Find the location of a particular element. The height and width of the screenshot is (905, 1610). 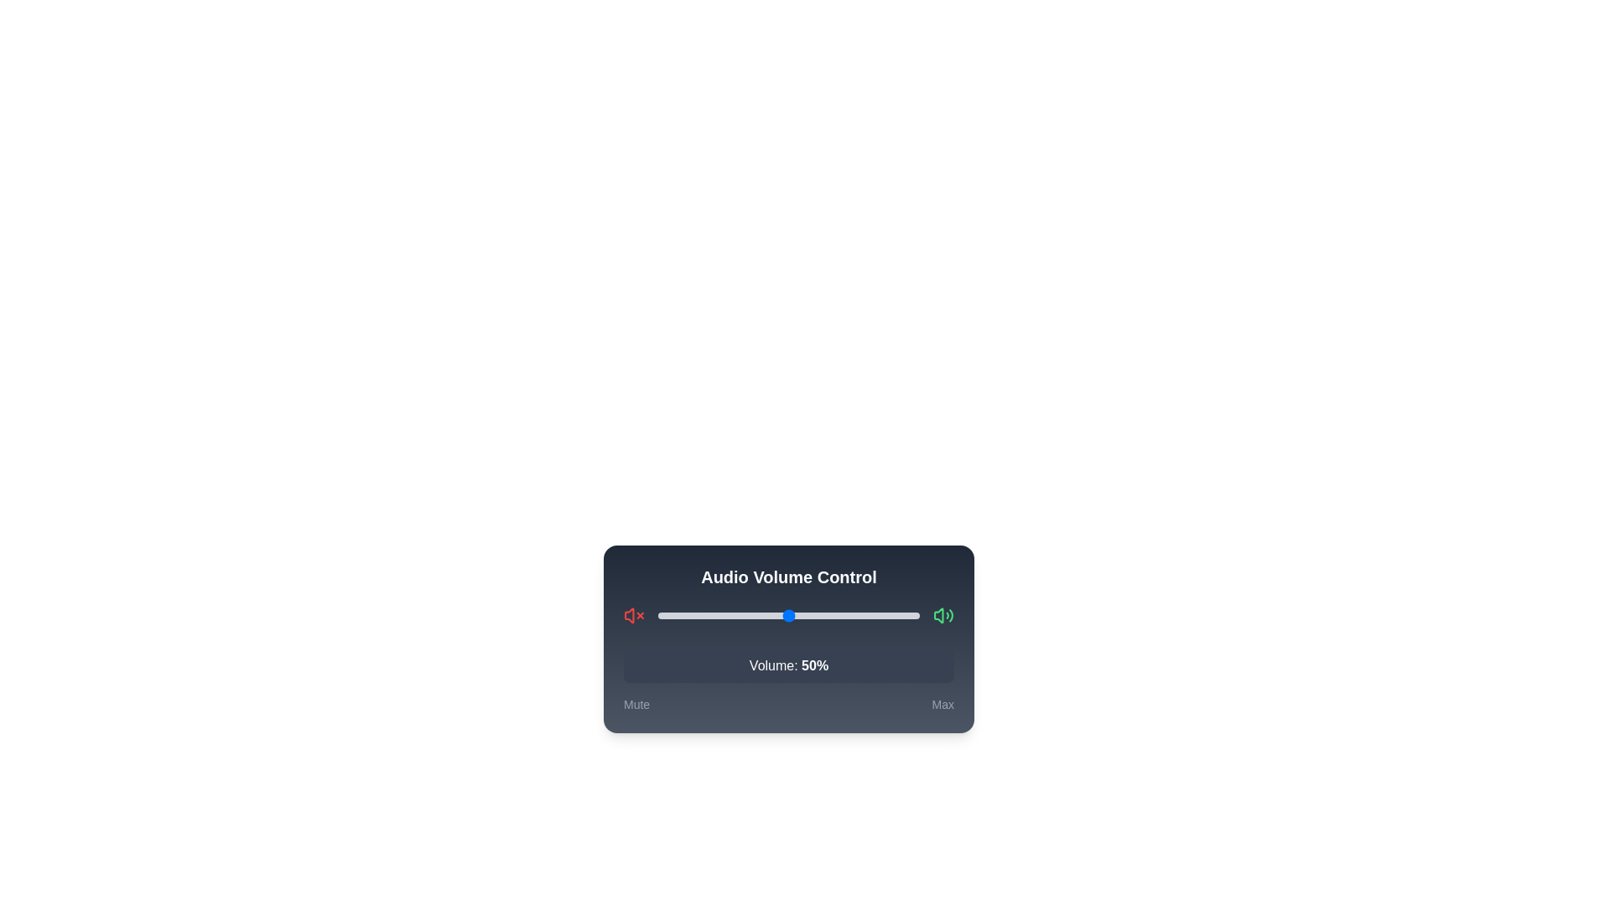

the slider to set the volume to 4% is located at coordinates (667, 616).